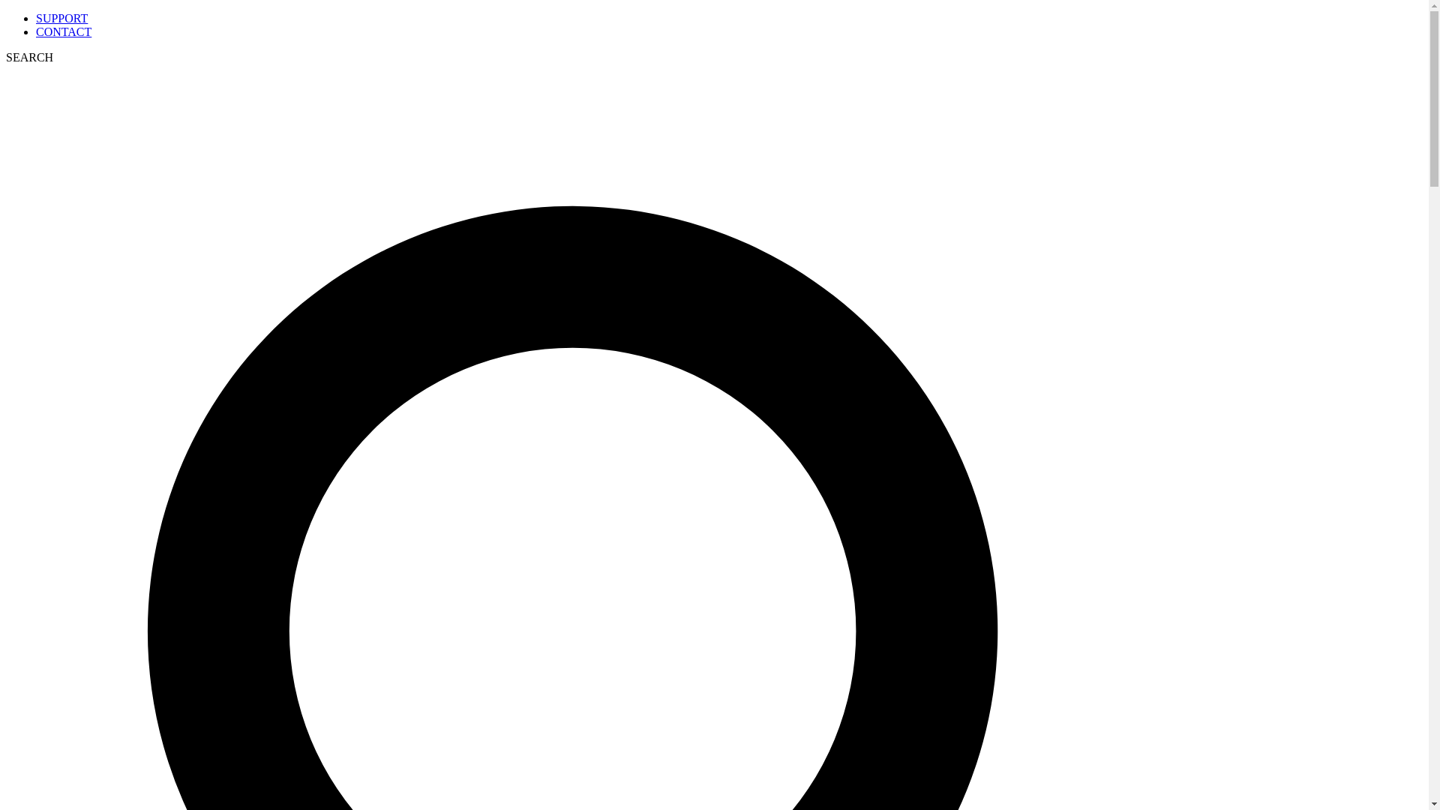 This screenshot has width=1440, height=810. Describe the element at coordinates (63, 31) in the screenshot. I see `'CONTACT'` at that location.